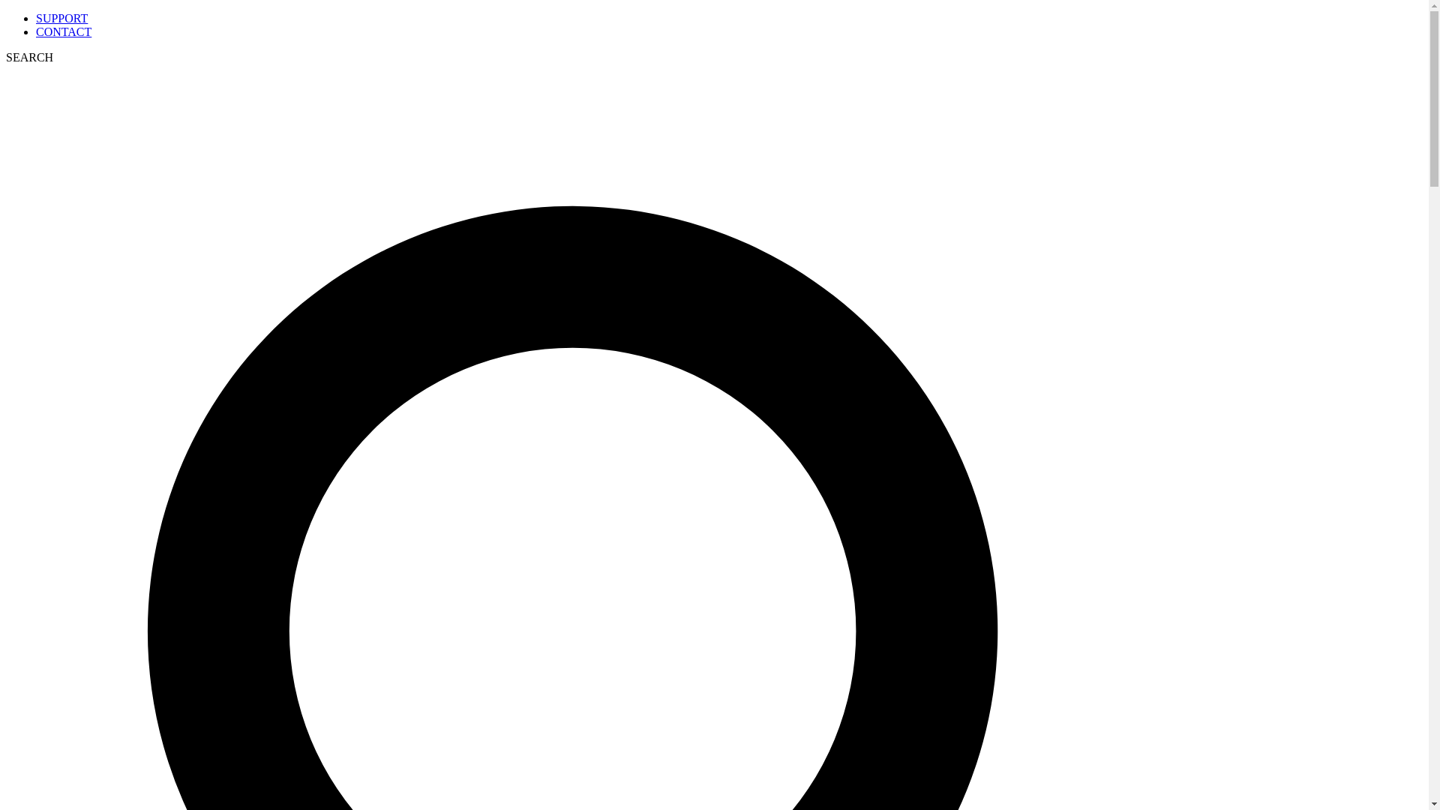 This screenshot has width=1440, height=810. Describe the element at coordinates (63, 31) in the screenshot. I see `'CONTACT'` at that location.